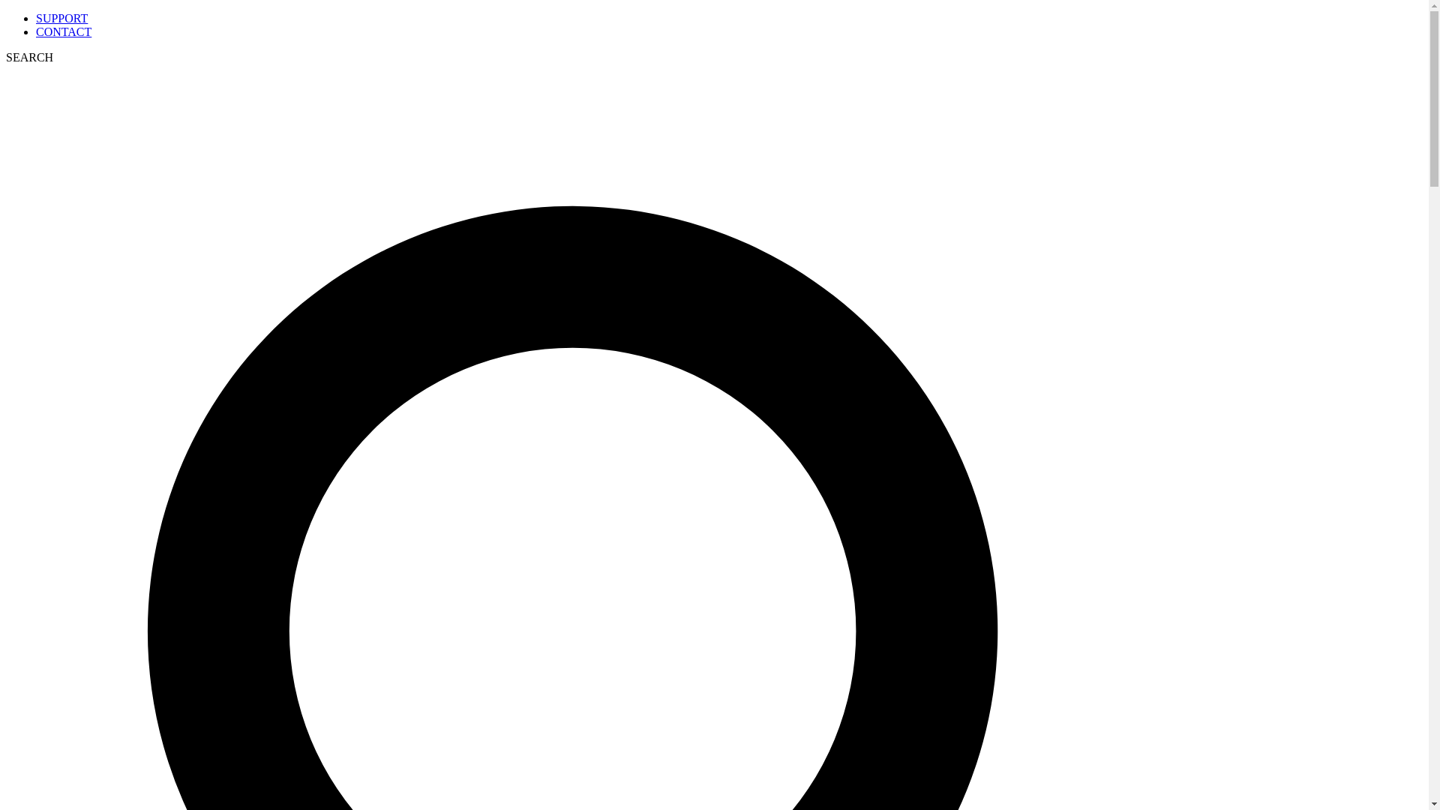 This screenshot has width=1440, height=810. Describe the element at coordinates (63, 31) in the screenshot. I see `'CONTACT'` at that location.